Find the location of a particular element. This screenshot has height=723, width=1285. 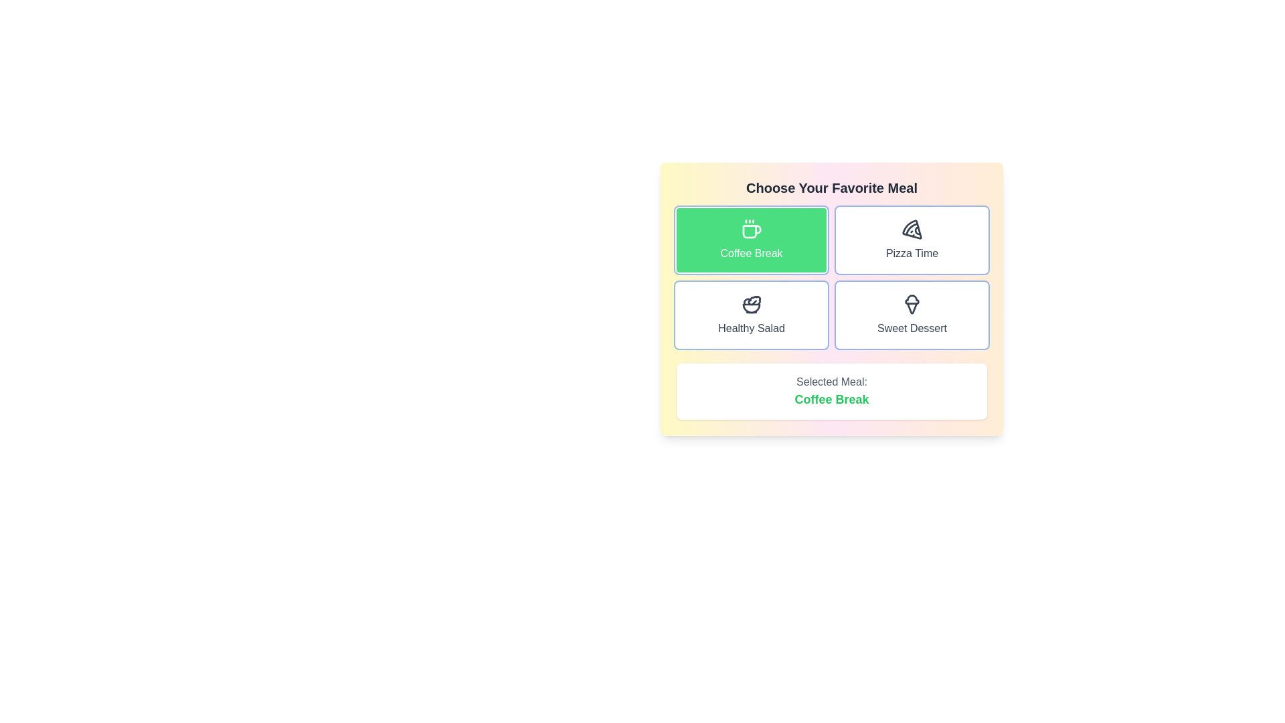

the button labeled Coffee Break to view its hover effect is located at coordinates (752, 239).